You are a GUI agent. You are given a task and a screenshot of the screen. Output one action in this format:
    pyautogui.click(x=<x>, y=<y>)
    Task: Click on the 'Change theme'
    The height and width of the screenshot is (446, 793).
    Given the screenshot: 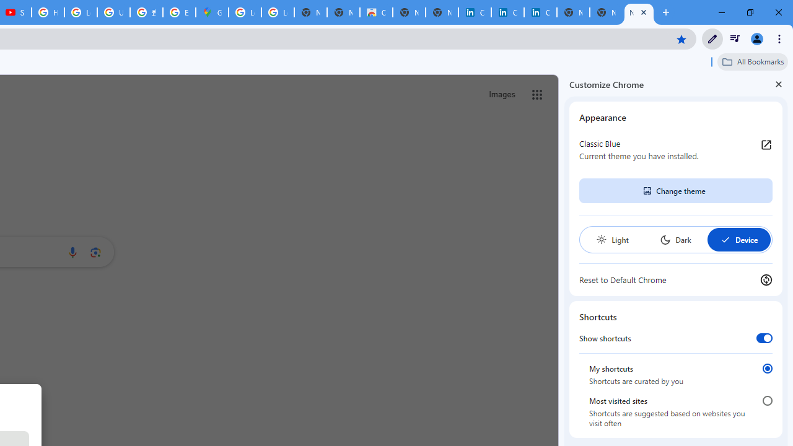 What is the action you would take?
    pyautogui.click(x=675, y=191)
    